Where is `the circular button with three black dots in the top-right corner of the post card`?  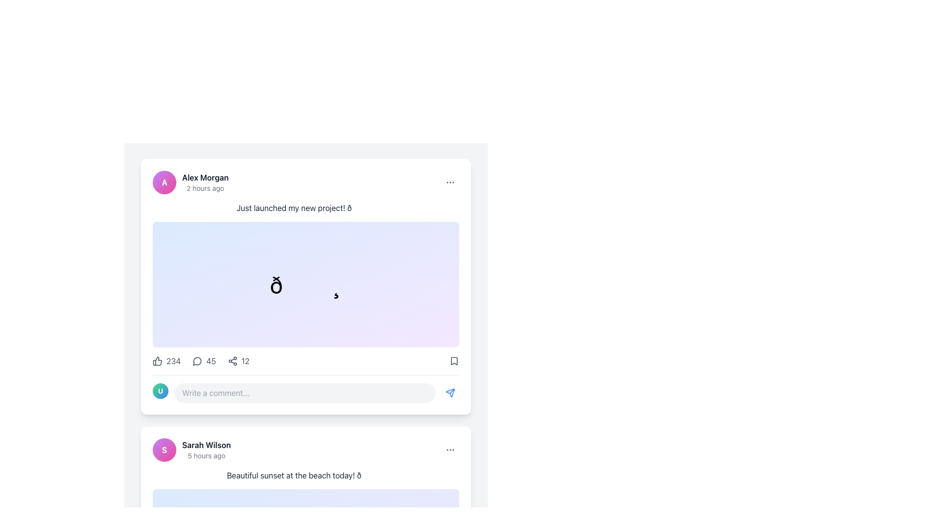
the circular button with three black dots in the top-right corner of the post card is located at coordinates (449, 182).